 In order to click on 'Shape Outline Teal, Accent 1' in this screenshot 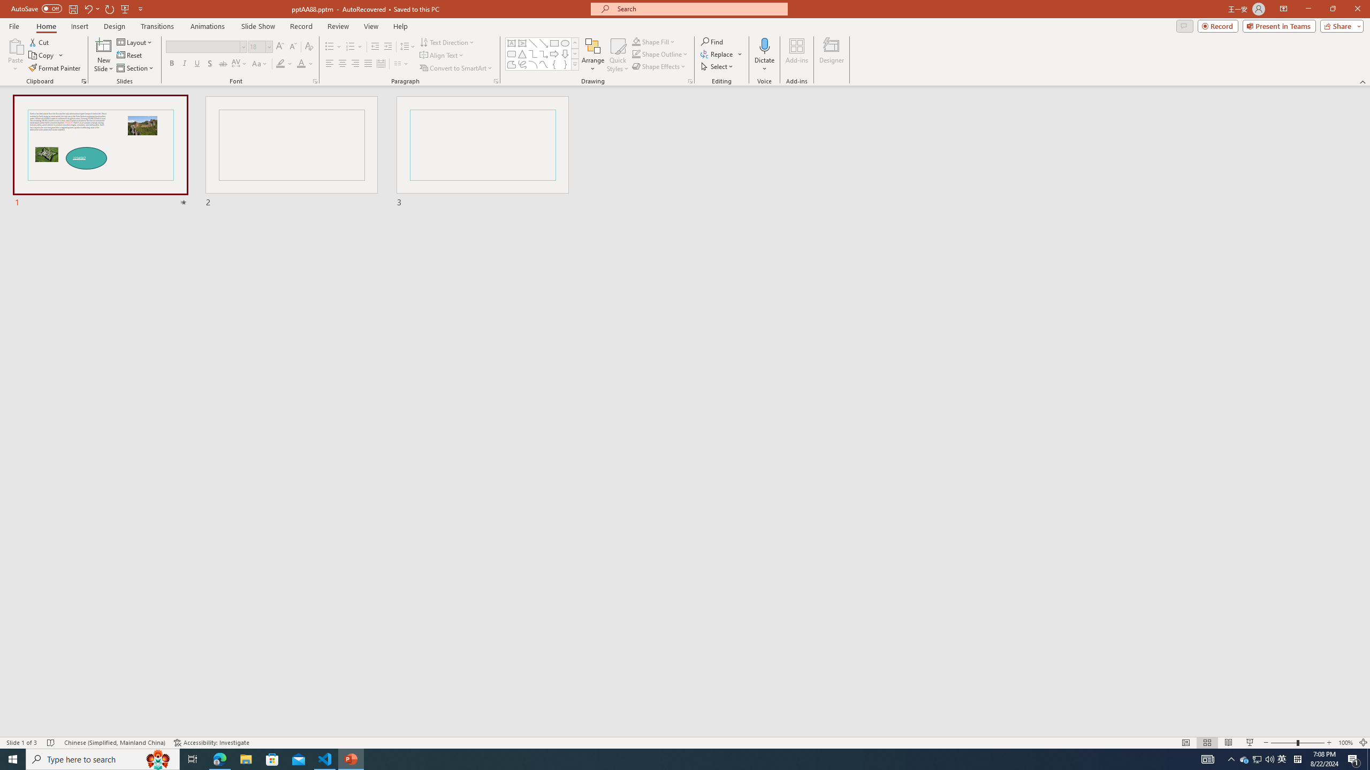, I will do `click(636, 53)`.